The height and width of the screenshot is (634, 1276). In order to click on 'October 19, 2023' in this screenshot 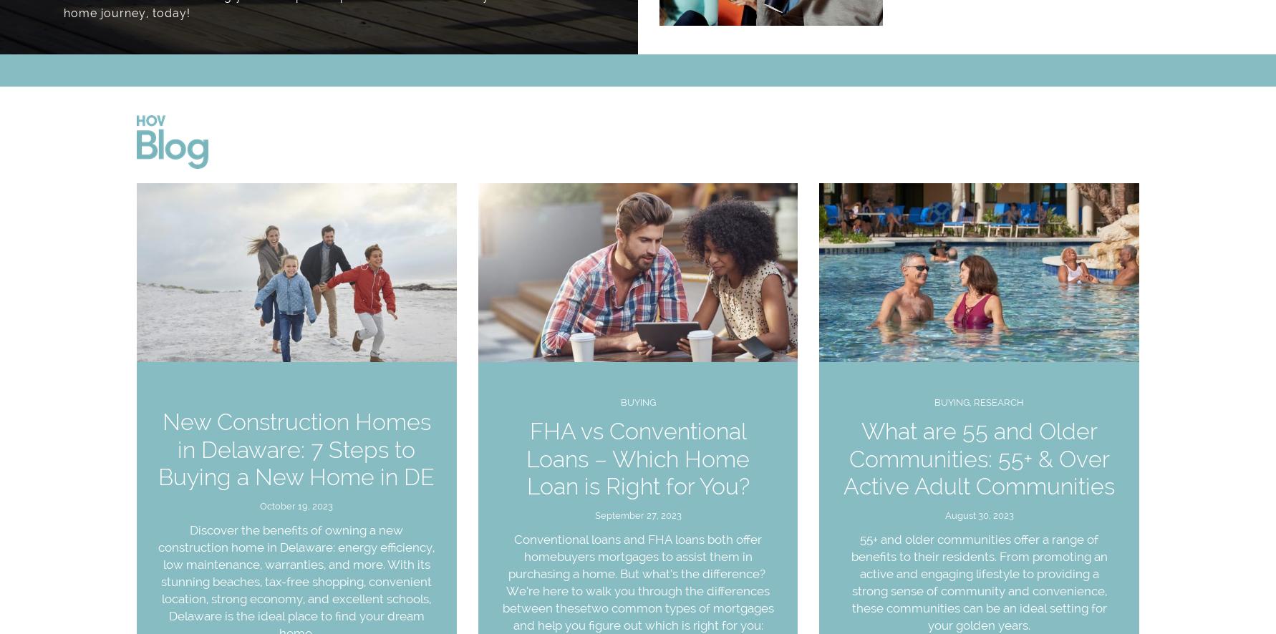, I will do `click(296, 505)`.